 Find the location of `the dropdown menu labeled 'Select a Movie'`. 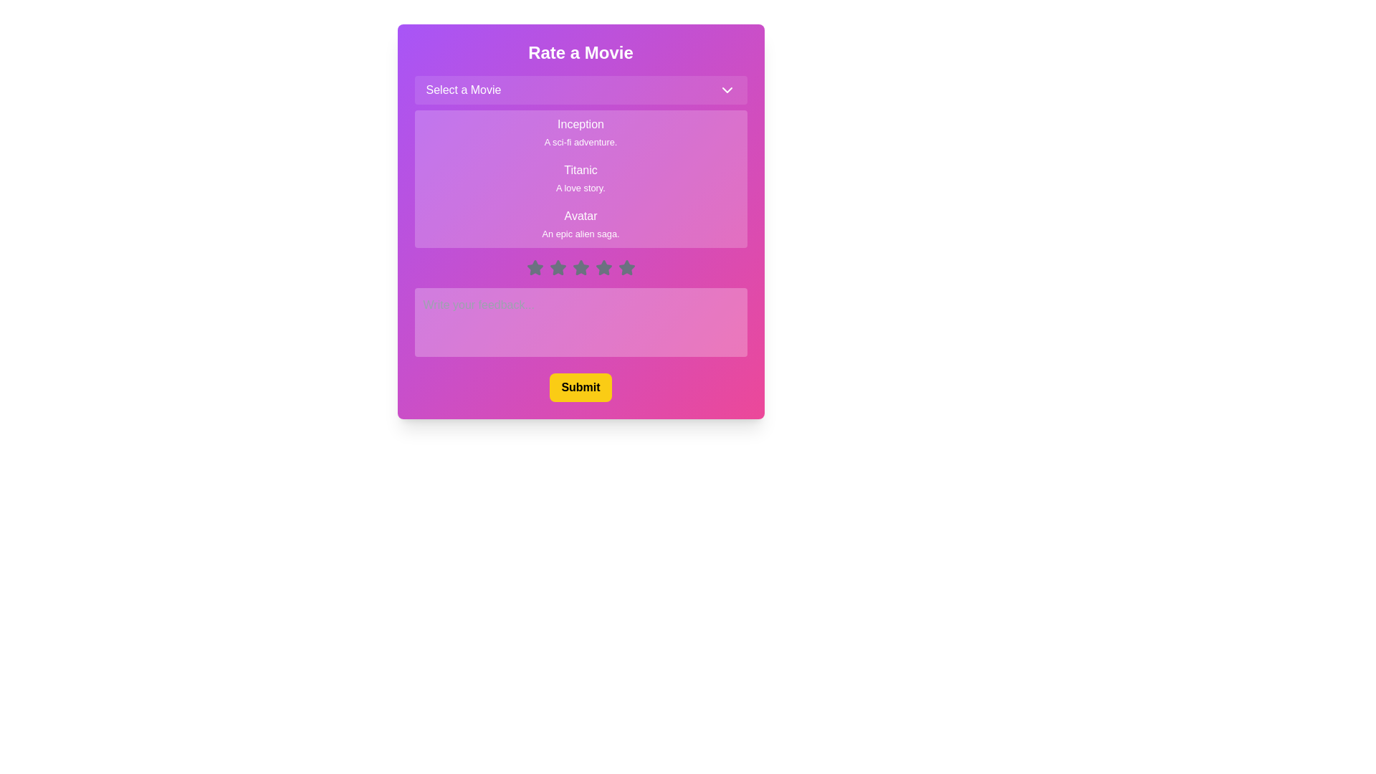

the dropdown menu labeled 'Select a Movie' is located at coordinates (580, 90).